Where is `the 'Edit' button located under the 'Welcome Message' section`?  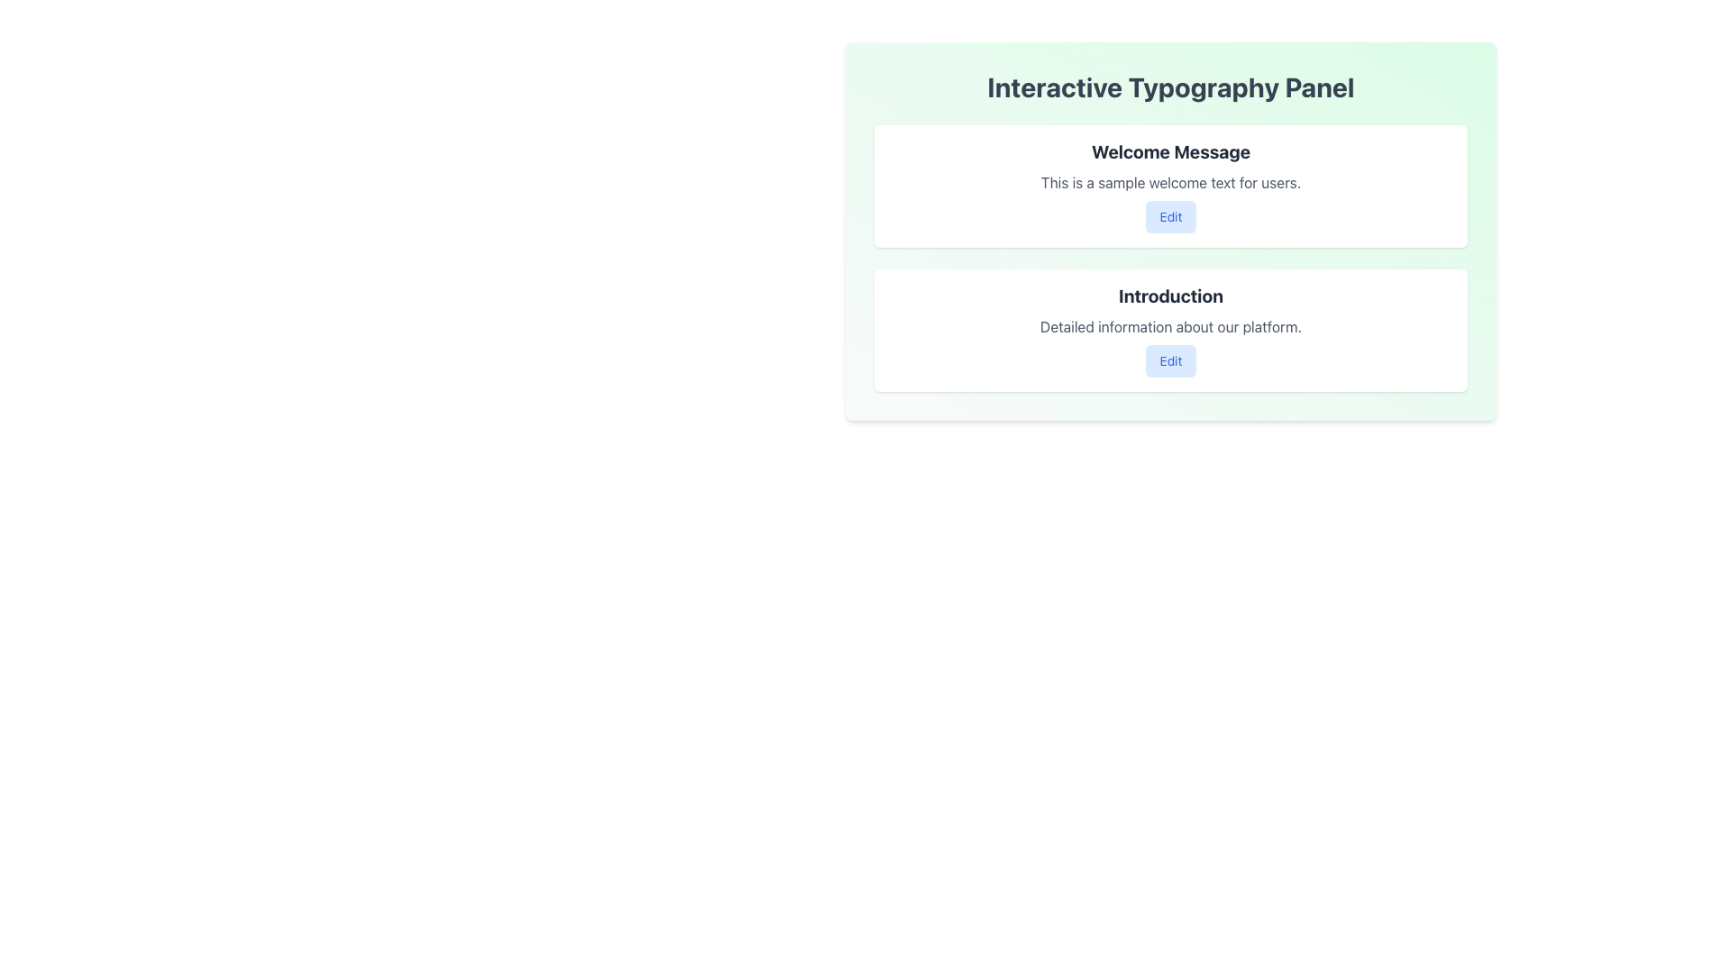 the 'Edit' button located under the 'Welcome Message' section is located at coordinates (1169, 215).